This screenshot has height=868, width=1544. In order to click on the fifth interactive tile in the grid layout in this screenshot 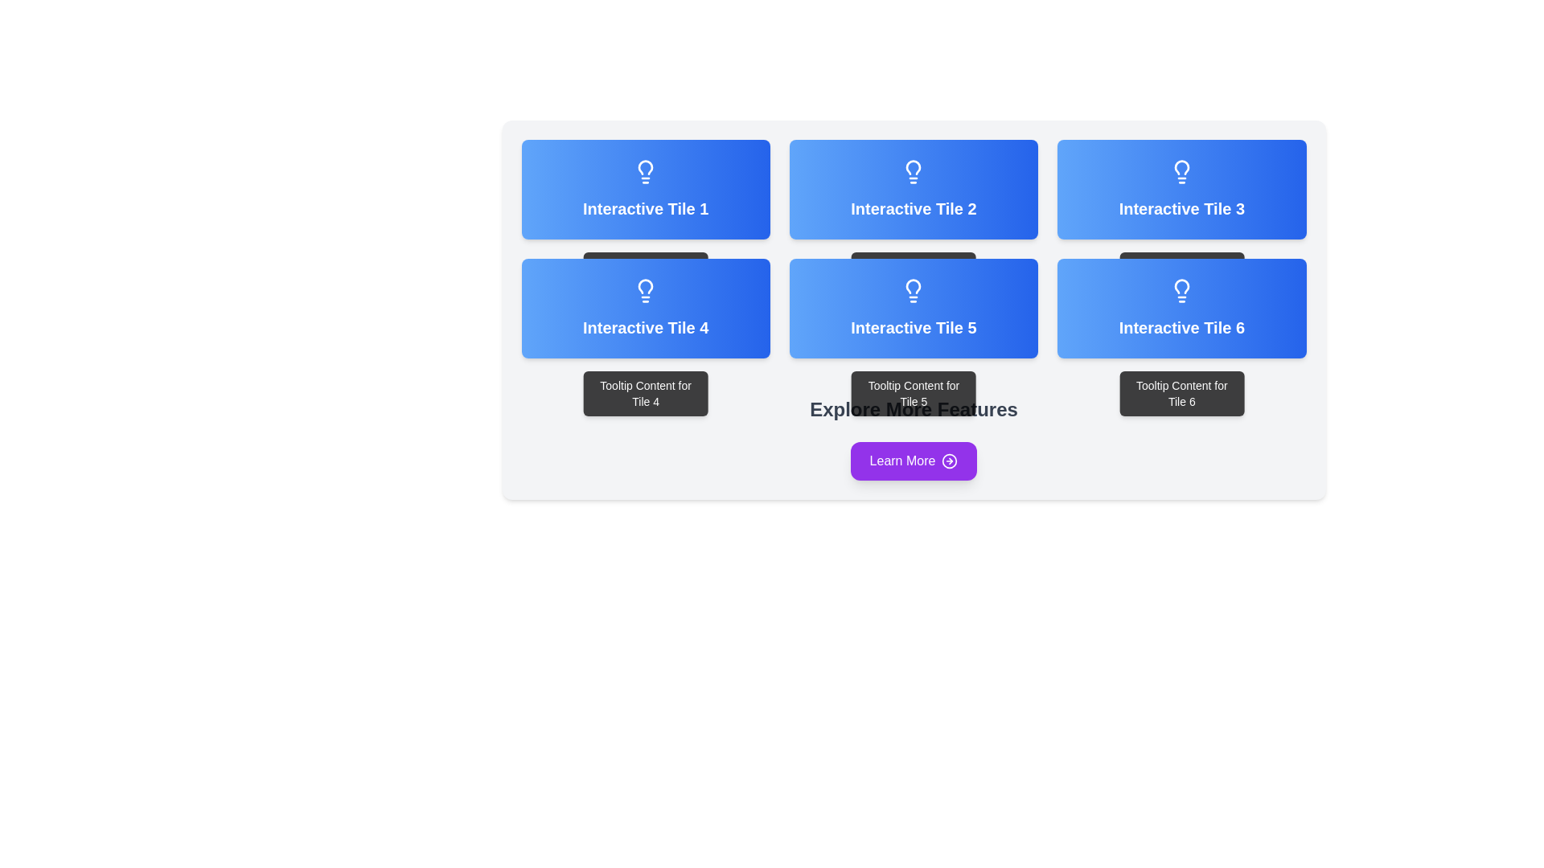, I will do `click(914, 309)`.